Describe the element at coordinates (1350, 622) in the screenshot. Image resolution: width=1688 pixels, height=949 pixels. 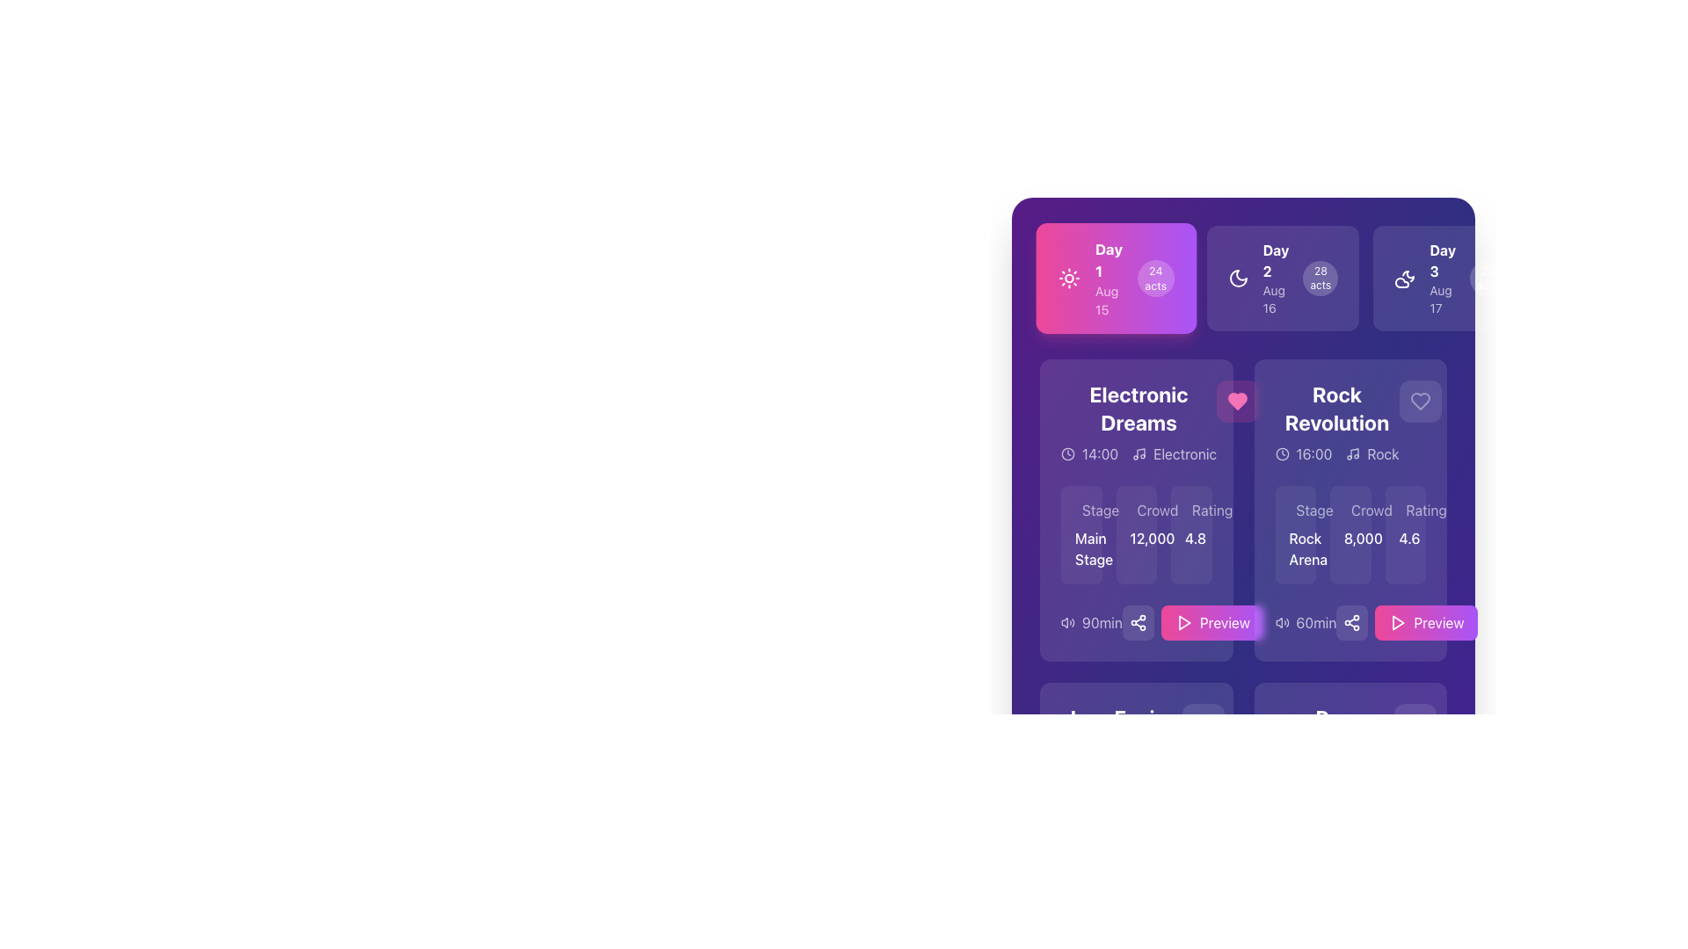
I see `the share icon located to the right of the '60min' text in the Composite - Icon with Text element on the 'Rock Revolution' card` at that location.